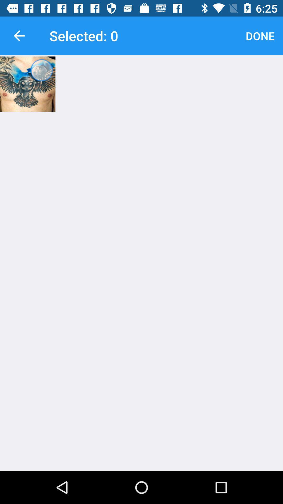 Image resolution: width=283 pixels, height=504 pixels. Describe the element at coordinates (260, 35) in the screenshot. I see `the icon next to the selected: 0` at that location.